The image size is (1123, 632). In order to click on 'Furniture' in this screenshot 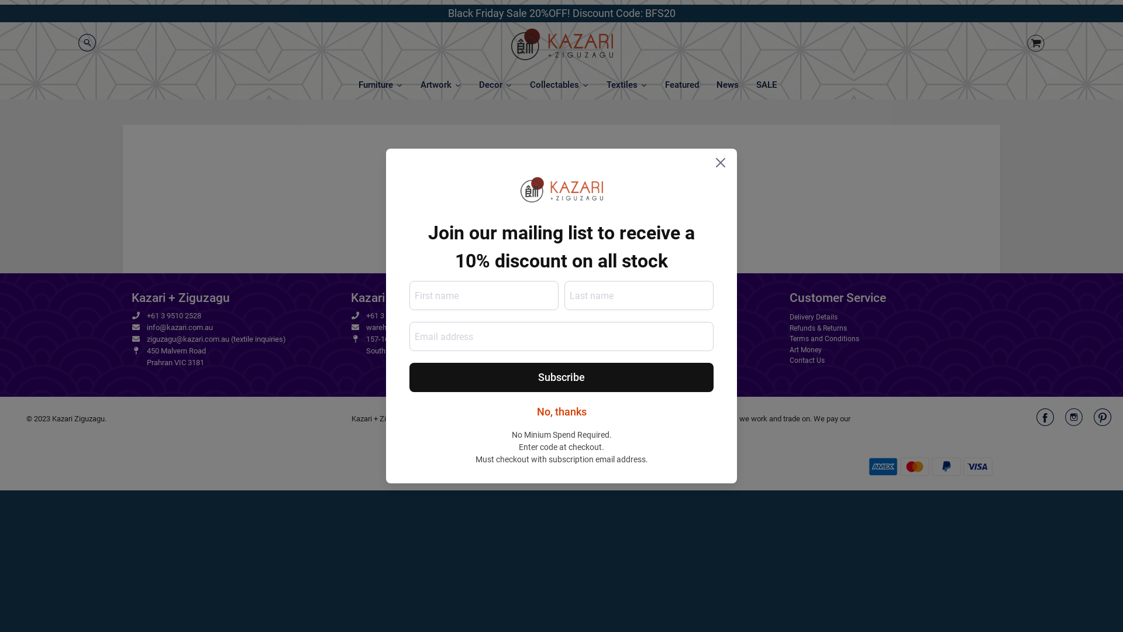, I will do `click(381, 84)`.